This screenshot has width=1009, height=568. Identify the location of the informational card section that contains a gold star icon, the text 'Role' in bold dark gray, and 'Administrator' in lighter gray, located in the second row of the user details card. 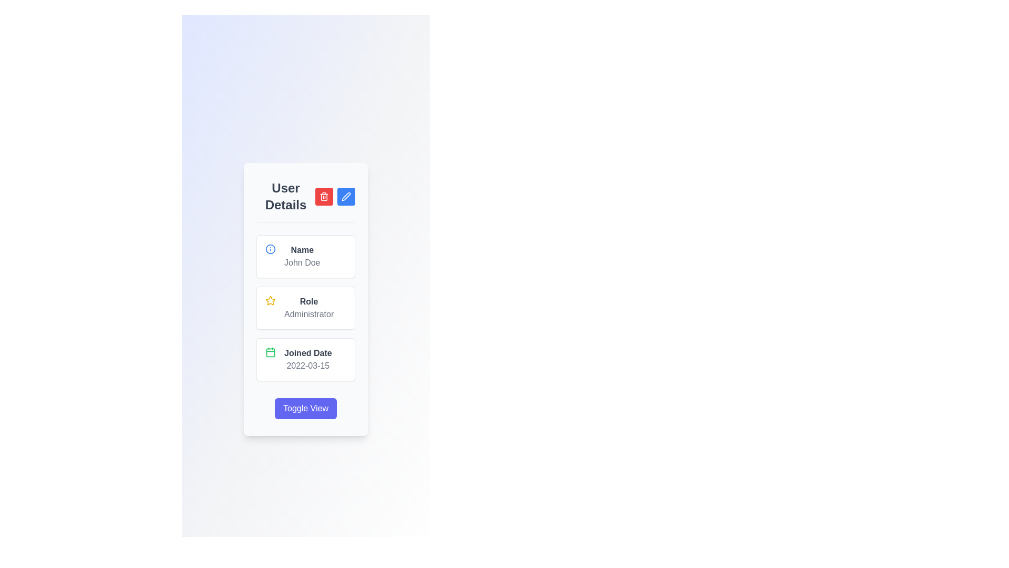
(305, 308).